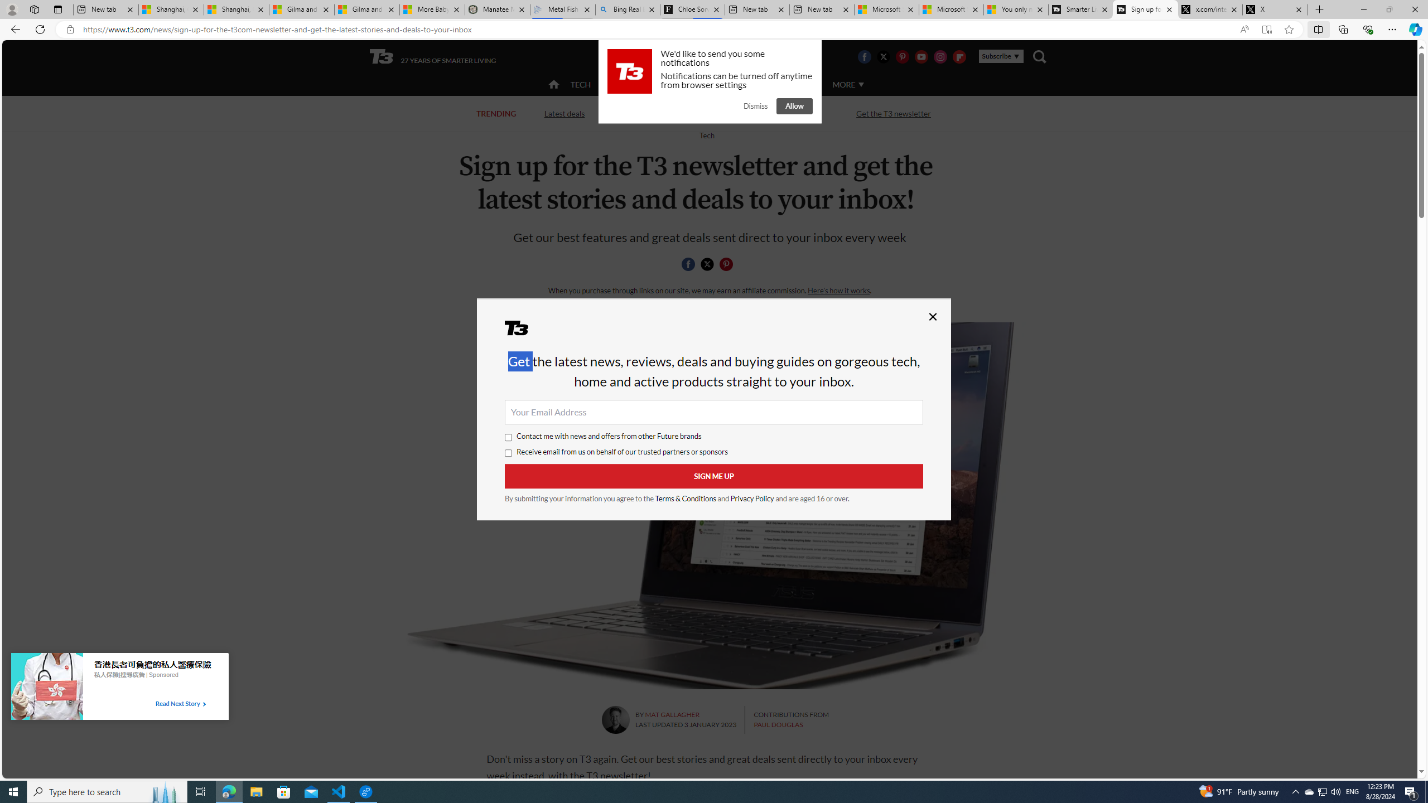 The width and height of the screenshot is (1428, 803). What do you see at coordinates (564, 113) in the screenshot?
I see `'Latest deals'` at bounding box center [564, 113].